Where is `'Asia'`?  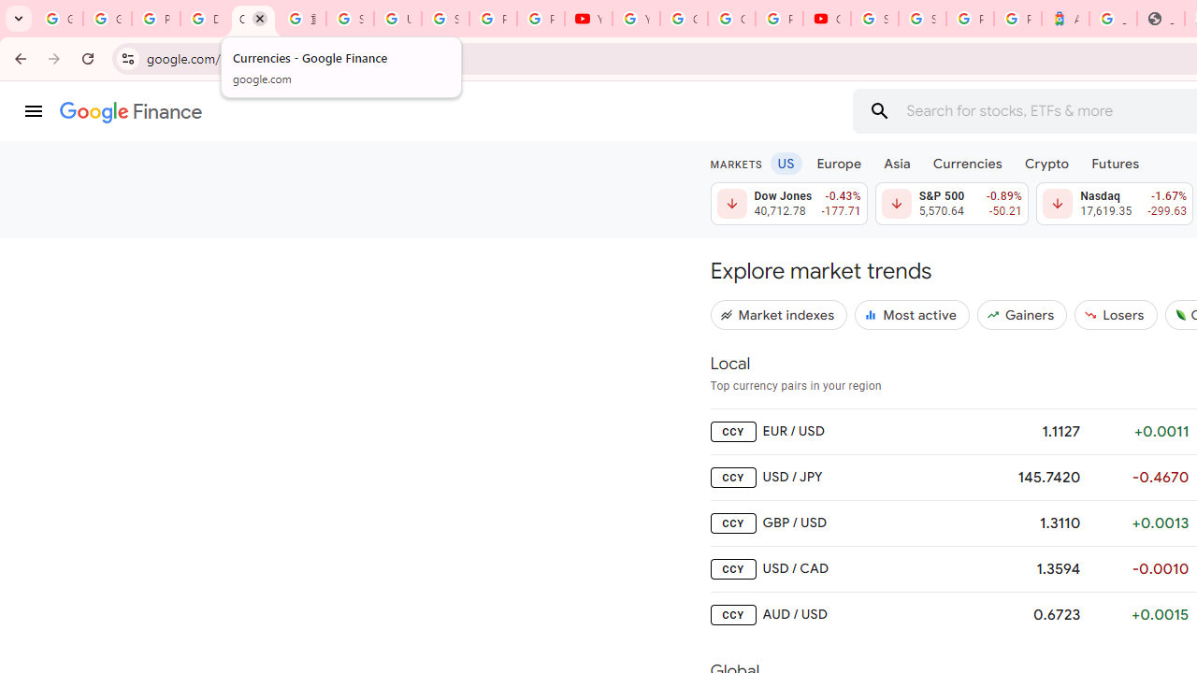
'Asia' is located at coordinates (896, 162).